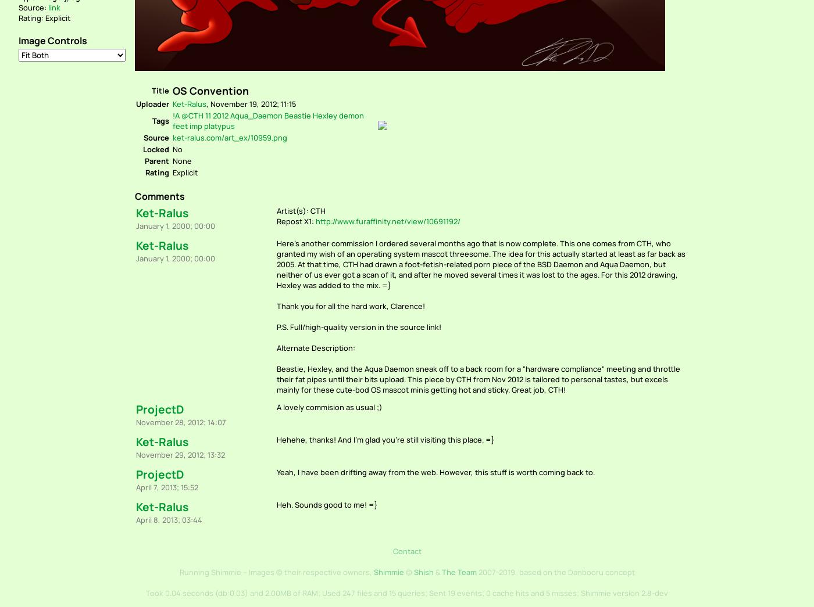 The width and height of the screenshot is (814, 607). I want to click on 'No', so click(177, 148).